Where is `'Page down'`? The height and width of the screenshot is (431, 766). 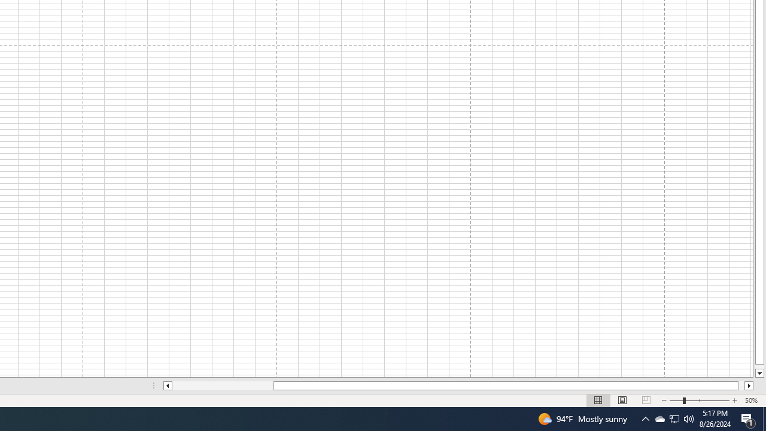
'Page down' is located at coordinates (759, 366).